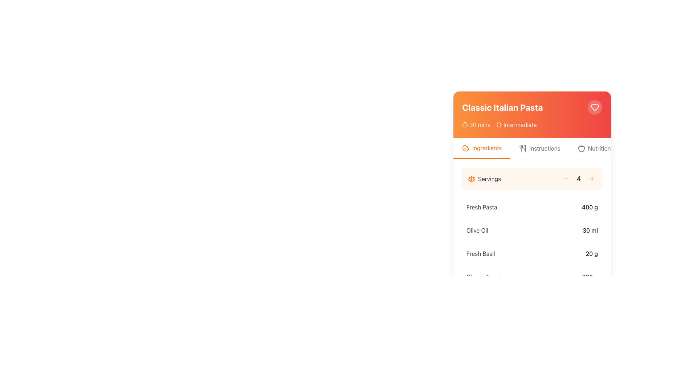 The image size is (697, 392). I want to click on the 'Olive Oil' label, which identifies it as an ingredient in a recipe, positioned before the '30 ml' label in the vertical list of ingredients, so click(477, 230).